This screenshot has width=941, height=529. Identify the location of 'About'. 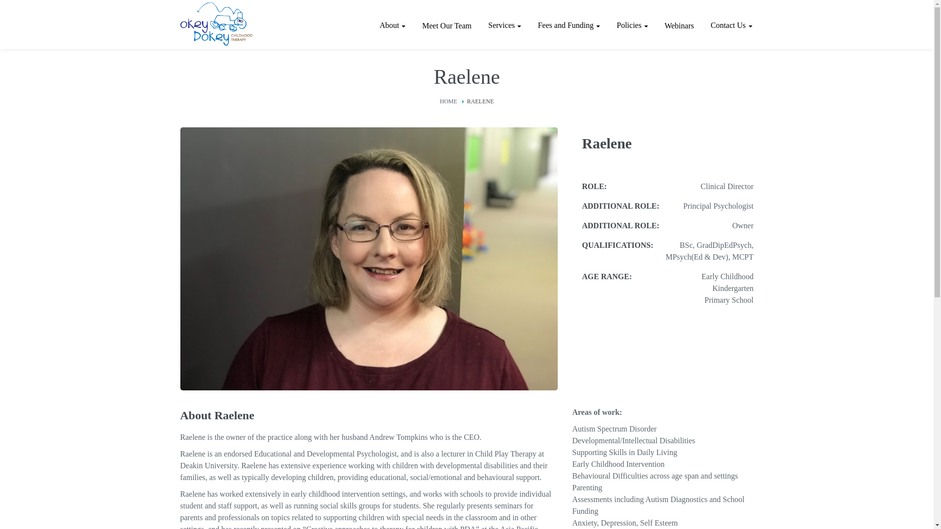
(392, 24).